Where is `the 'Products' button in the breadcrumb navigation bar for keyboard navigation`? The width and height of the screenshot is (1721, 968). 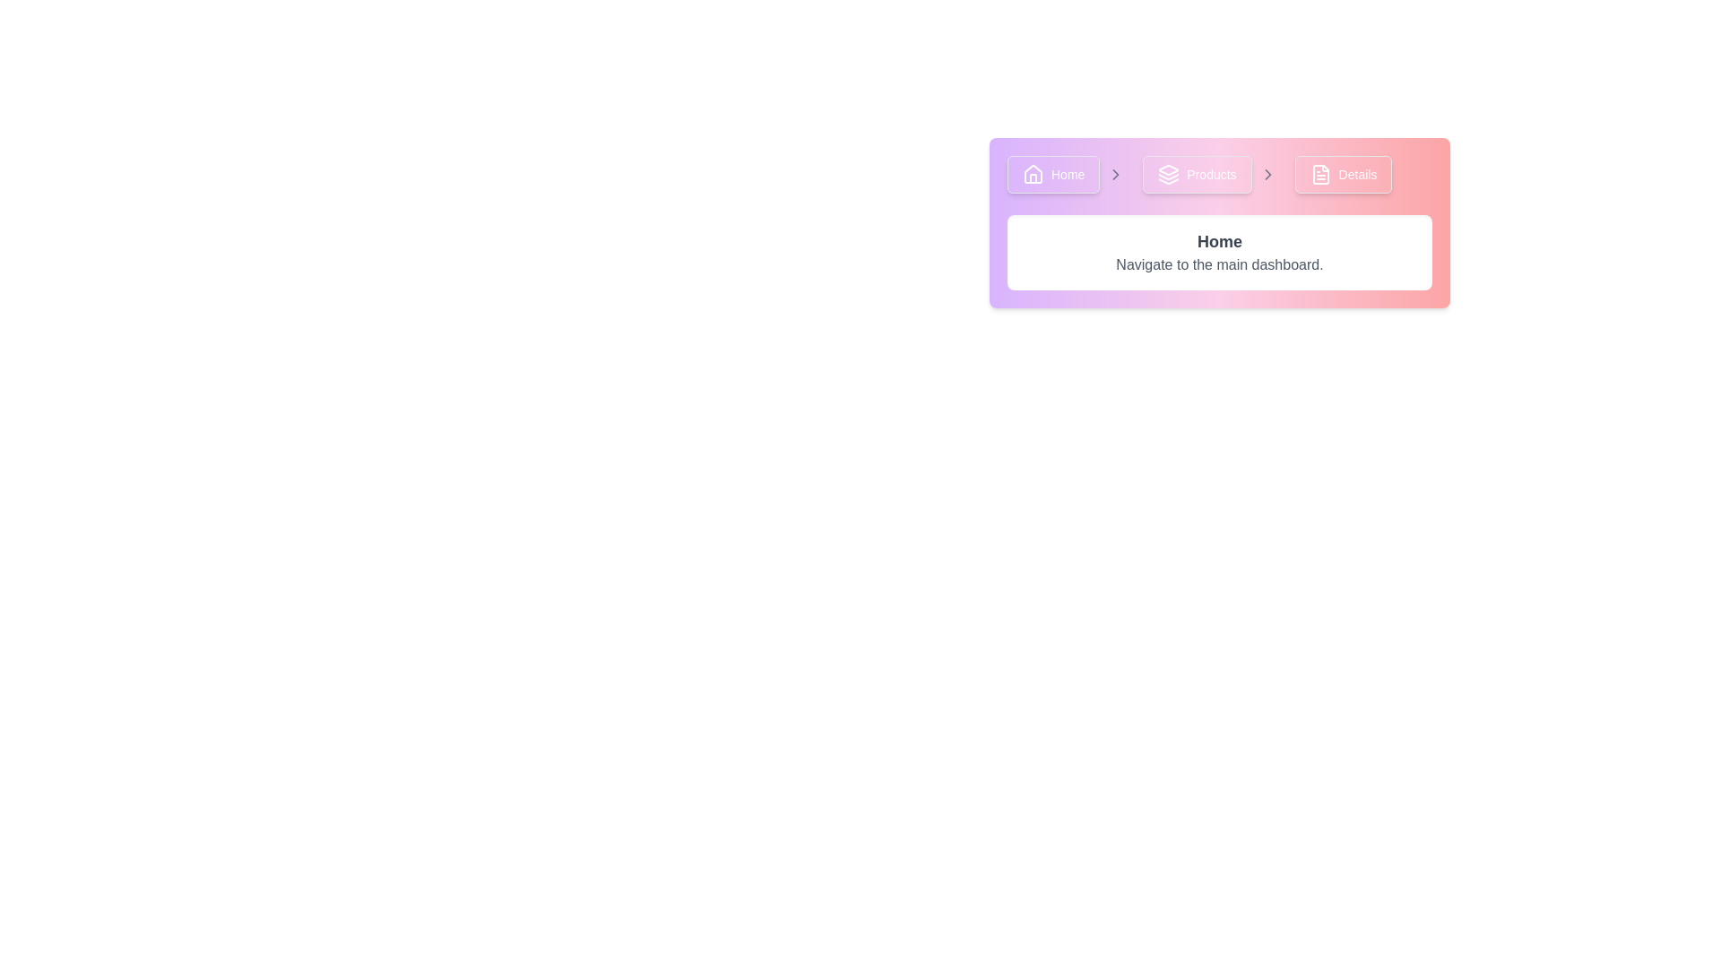 the 'Products' button in the breadcrumb navigation bar for keyboard navigation is located at coordinates (1213, 175).